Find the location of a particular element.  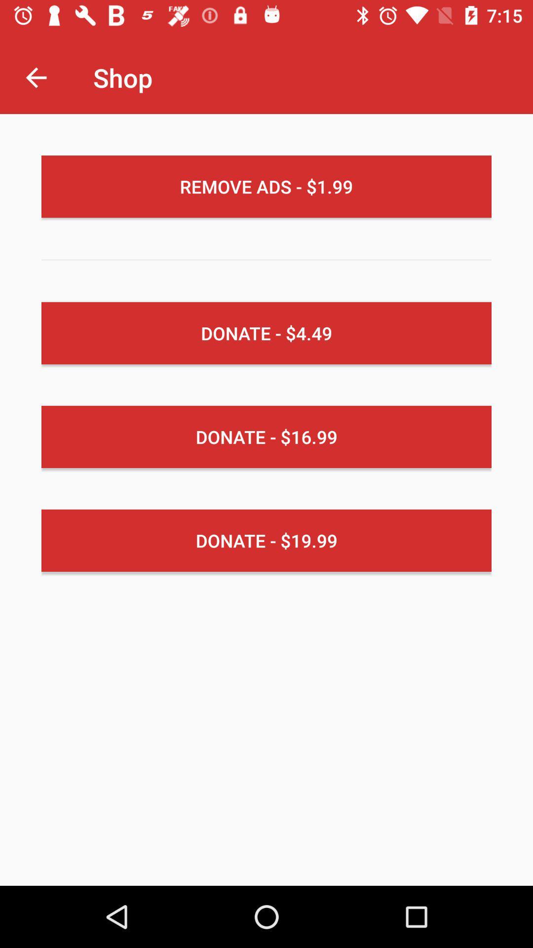

the remove ads 1 is located at coordinates (266, 187).